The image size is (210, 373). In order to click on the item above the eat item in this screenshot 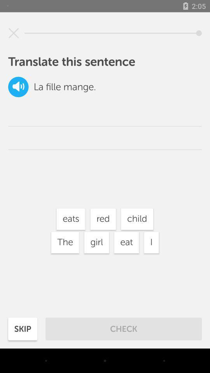, I will do `click(136, 219)`.